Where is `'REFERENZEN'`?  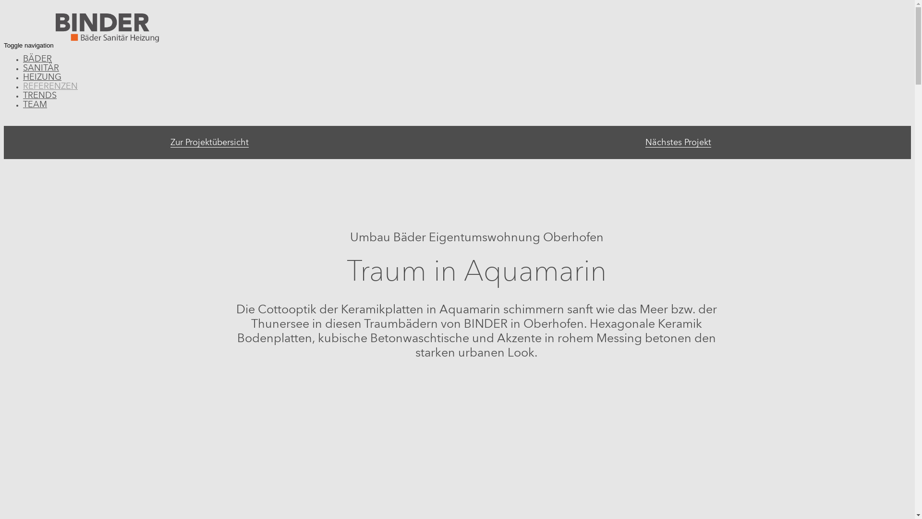
'REFERENZEN' is located at coordinates (50, 83).